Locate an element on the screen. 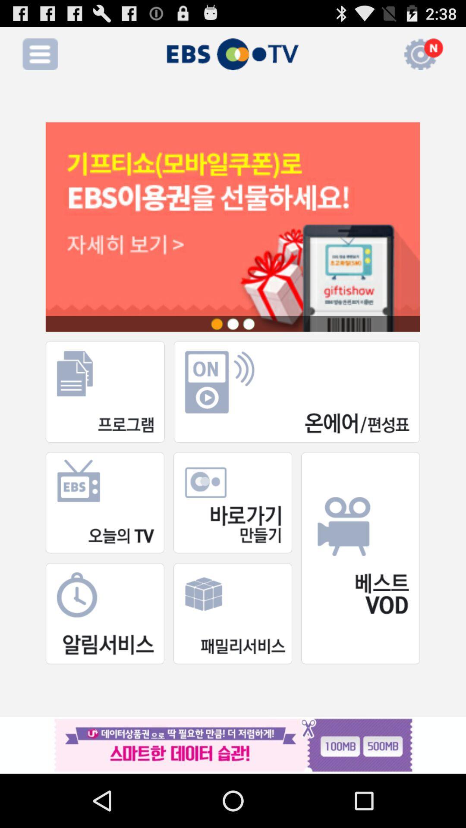 Image resolution: width=466 pixels, height=828 pixels. the first block which is below the image is located at coordinates (104, 391).